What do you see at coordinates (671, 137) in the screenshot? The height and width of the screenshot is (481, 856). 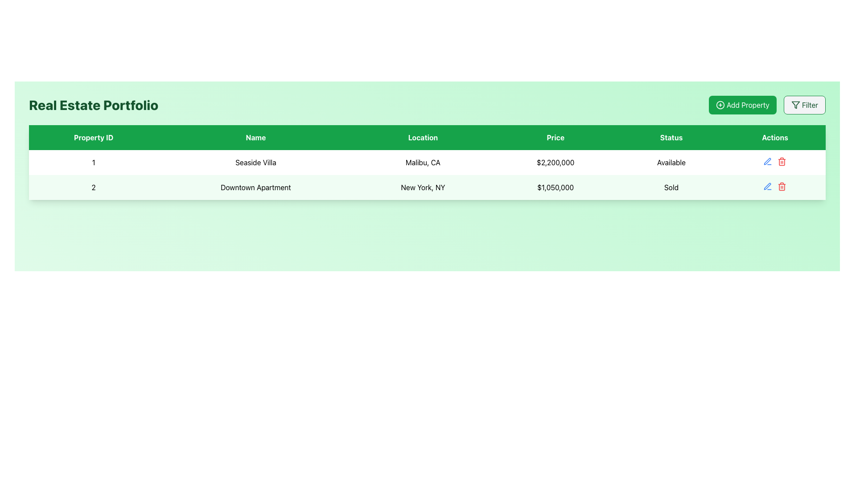 I see `the 'Status' header cell in the green-colored table header, which is in the fifth position of six cells and contains white text centered within it` at bounding box center [671, 137].